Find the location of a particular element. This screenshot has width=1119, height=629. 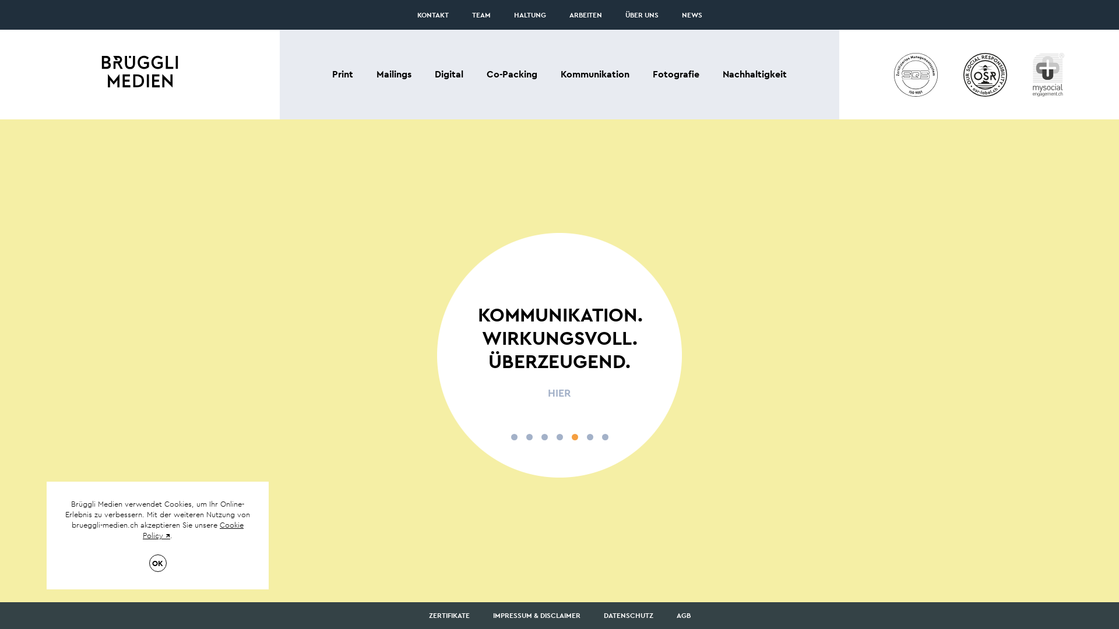

'Co-Packing' is located at coordinates (512, 74).